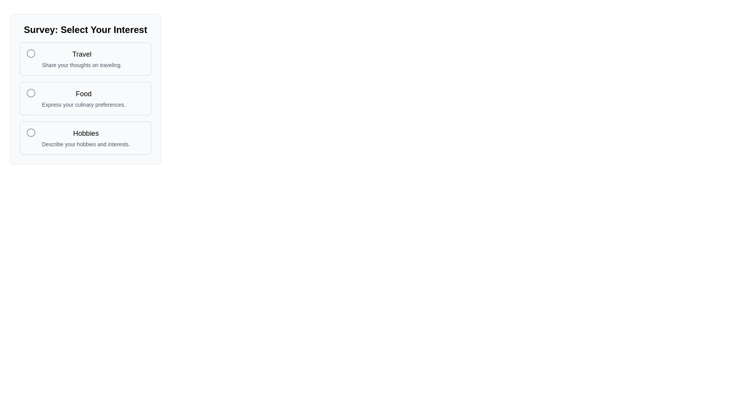  I want to click on the second card in the survey section that presents the 'Food' survey option, so click(85, 89).